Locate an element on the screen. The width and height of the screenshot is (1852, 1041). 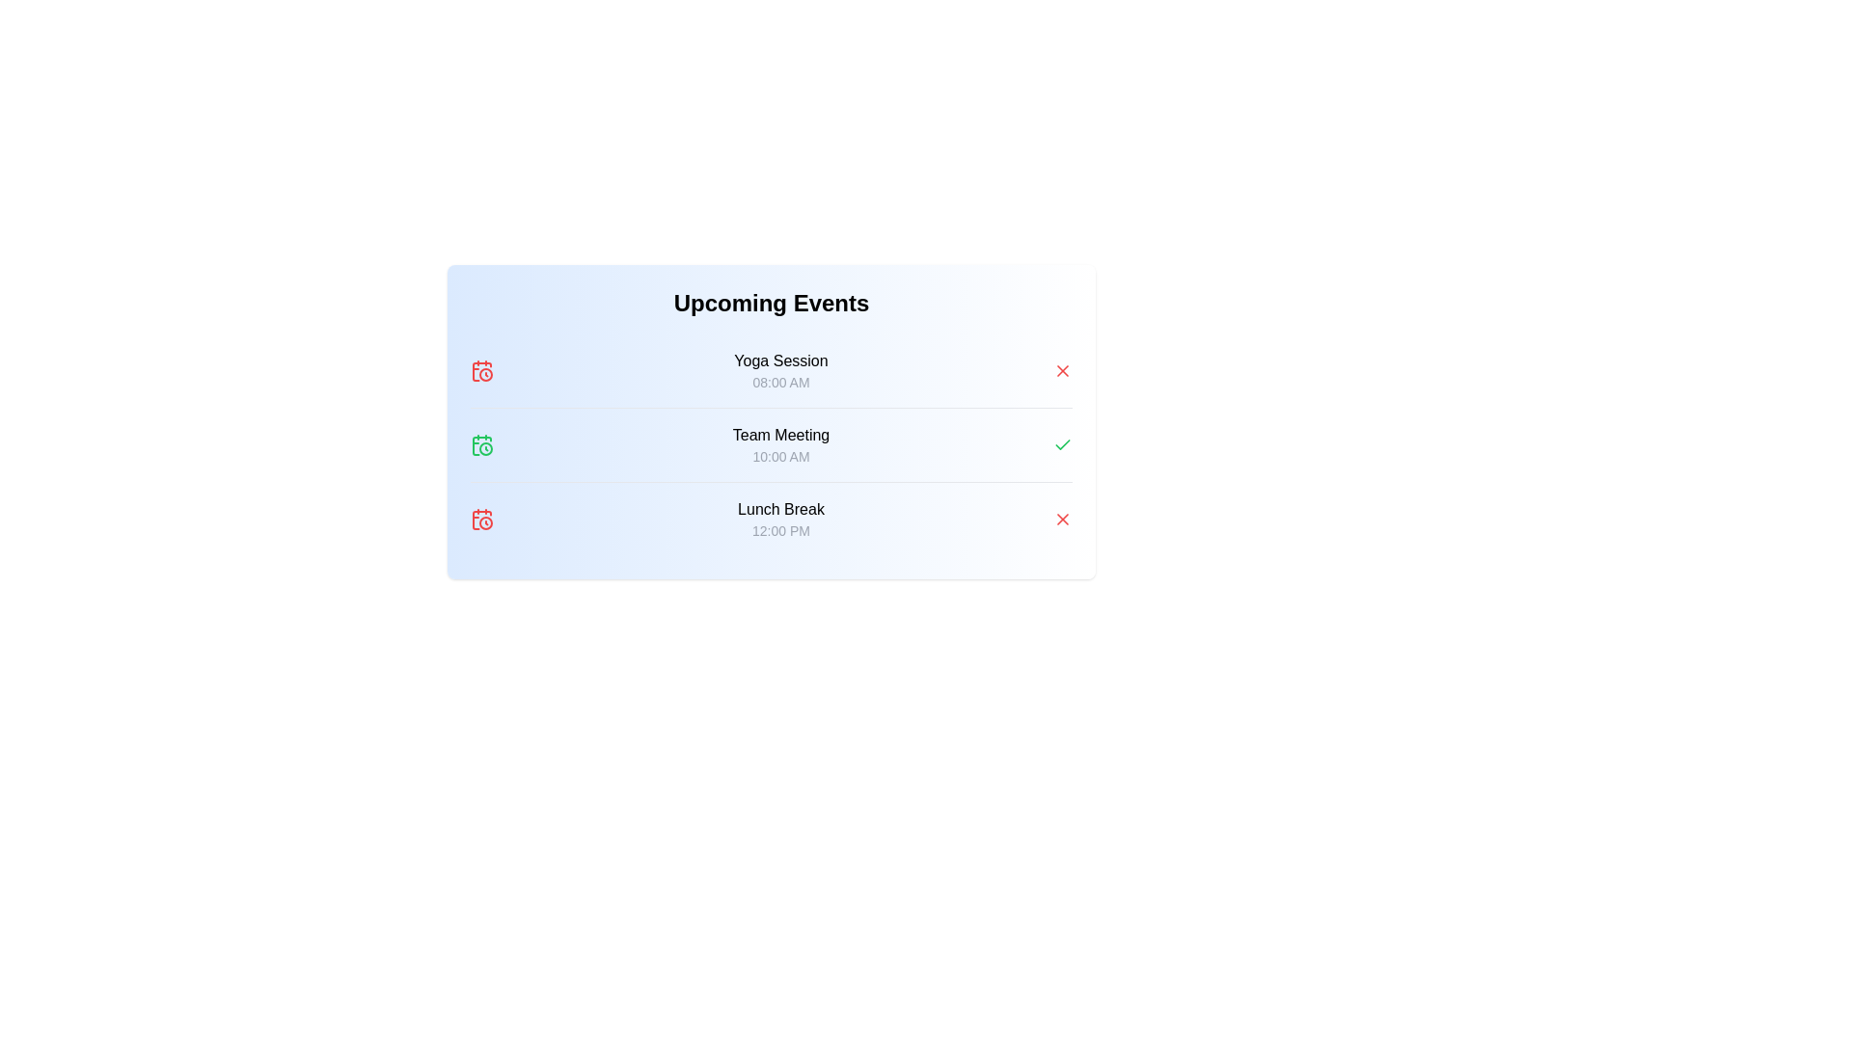
text of the 'Team Meeting' title label located centrally above the '10:00 AM' subtext in the event schedule, specifically the second item from the top is located at coordinates (781, 435).